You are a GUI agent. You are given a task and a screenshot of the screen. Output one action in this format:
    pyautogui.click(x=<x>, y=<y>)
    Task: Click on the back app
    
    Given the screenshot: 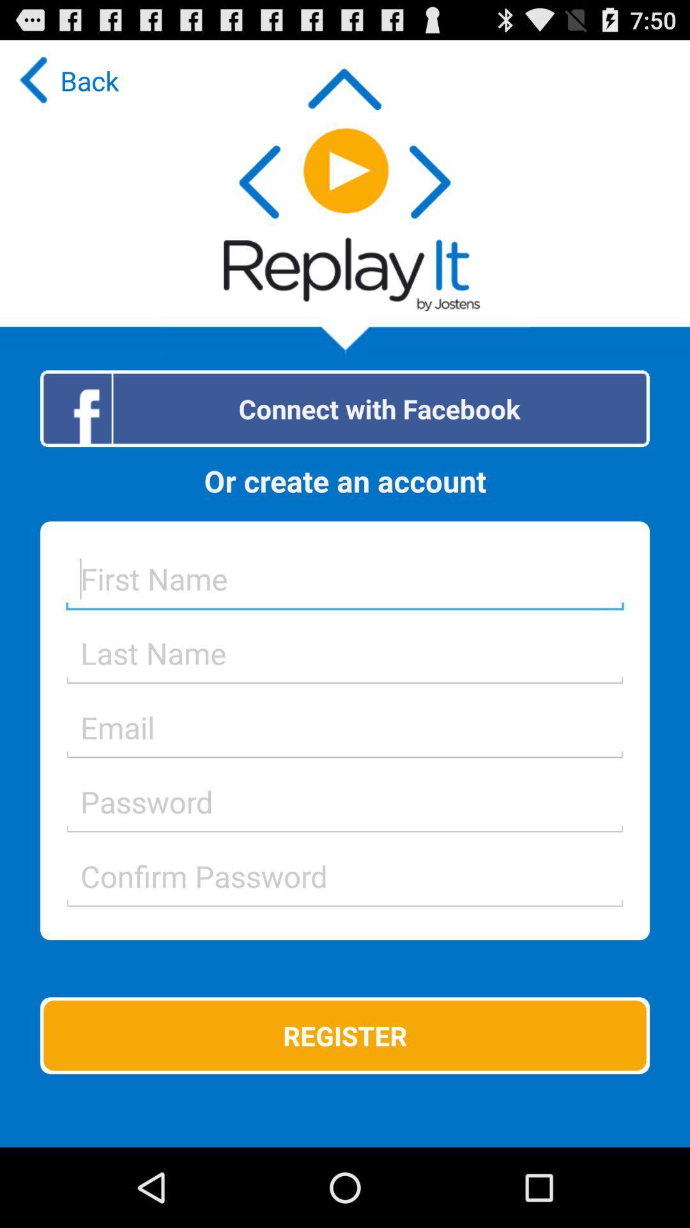 What is the action you would take?
    pyautogui.click(x=66, y=79)
    